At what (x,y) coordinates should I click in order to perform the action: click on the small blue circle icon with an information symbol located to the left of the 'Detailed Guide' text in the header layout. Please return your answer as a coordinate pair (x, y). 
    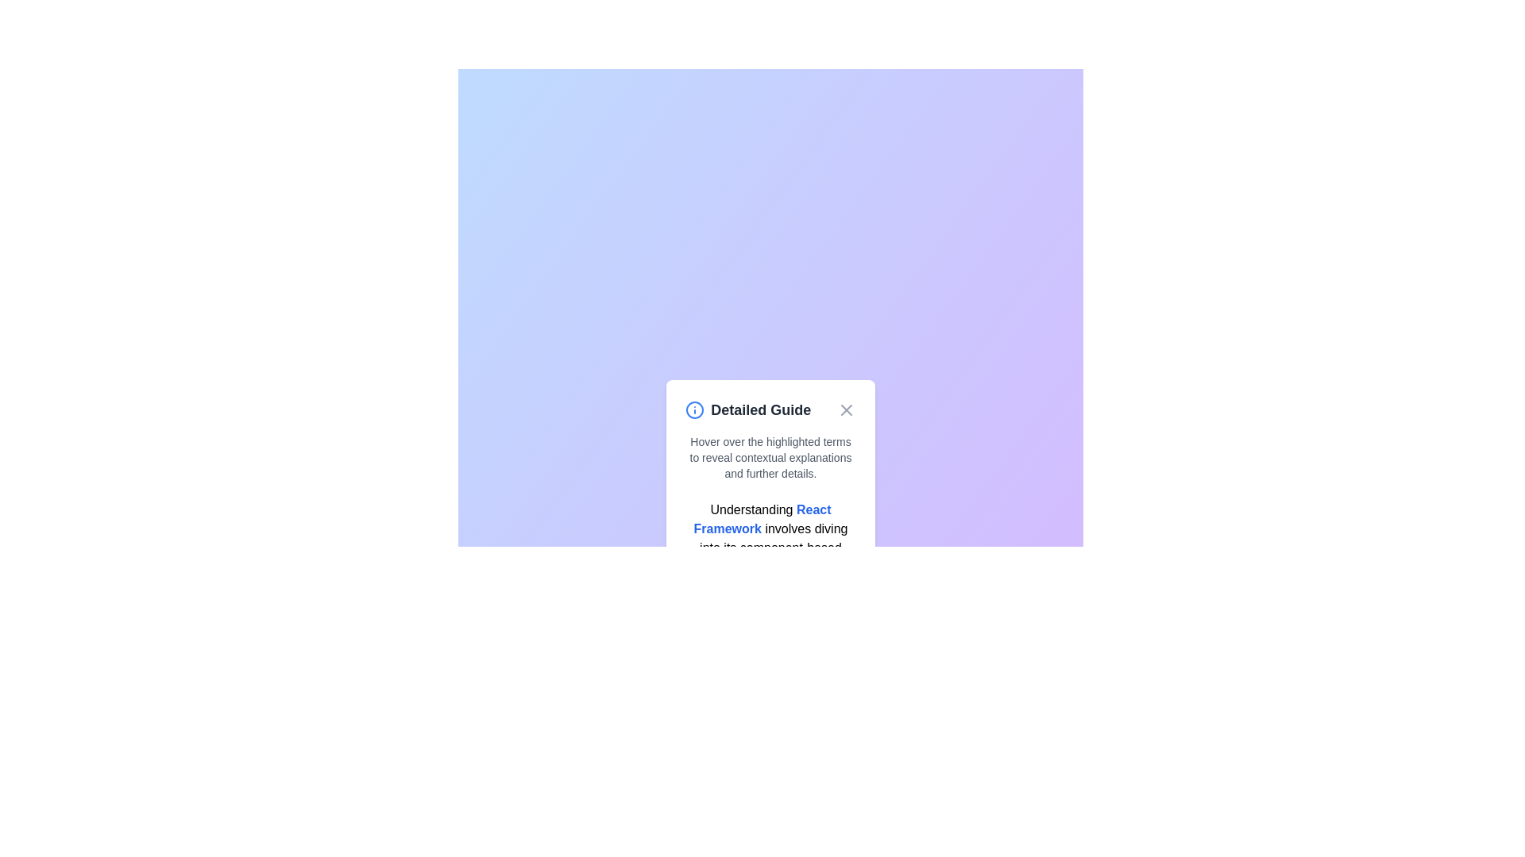
    Looking at the image, I should click on (695, 409).